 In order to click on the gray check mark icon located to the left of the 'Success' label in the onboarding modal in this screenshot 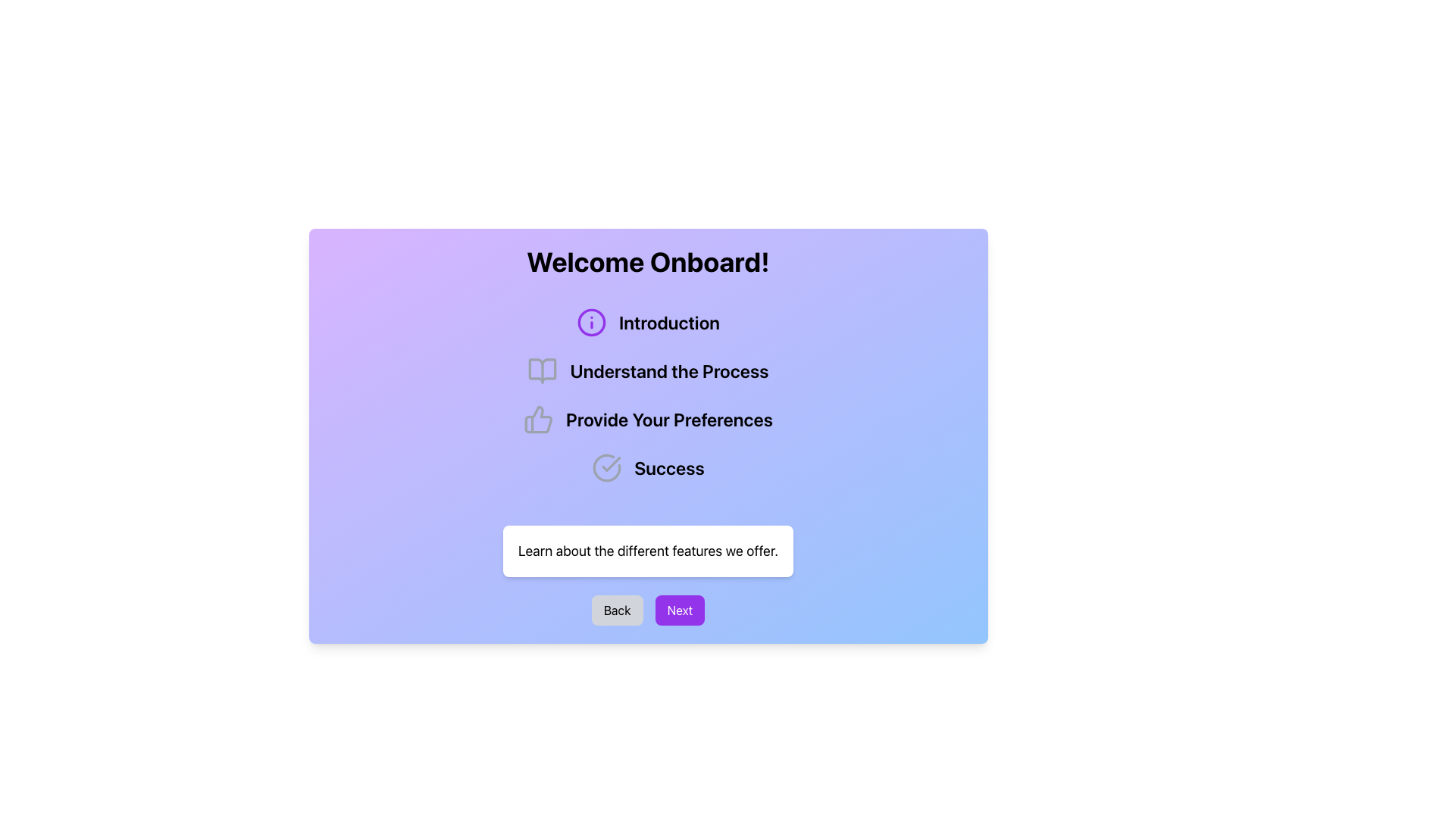, I will do `click(607, 467)`.